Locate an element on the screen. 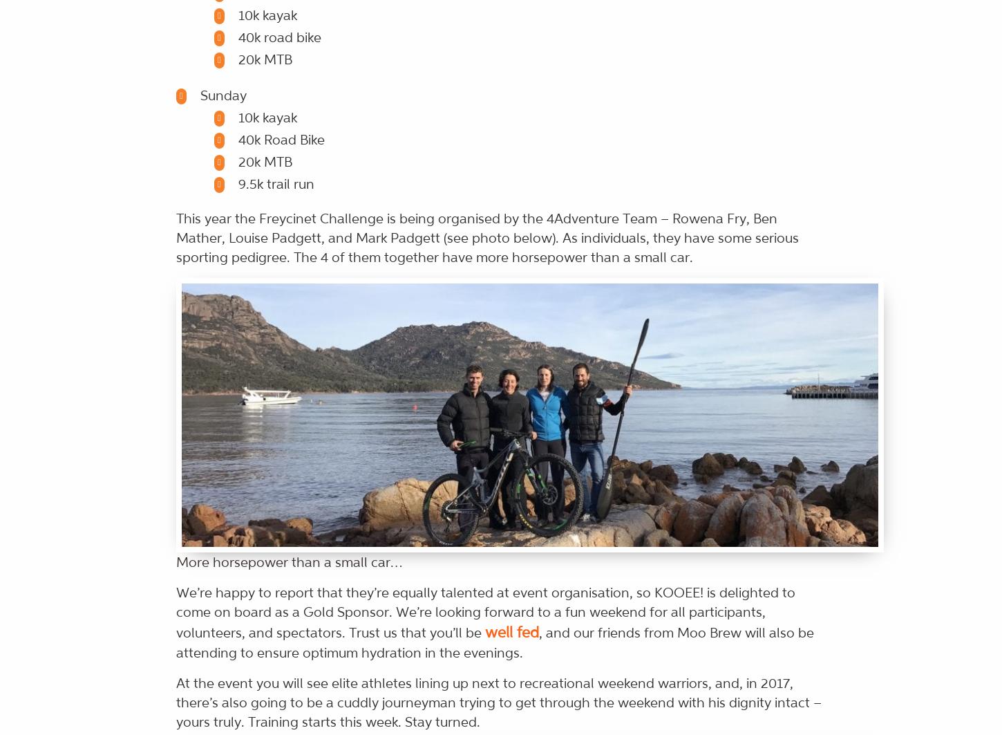  'We’re happy to report that they’re equally talented at event organisation, so KOOEE! is delighted to come on board as a Gold Sponsor. We’re looking forward to a fun weekend for all participants, volunteers, and spectators. Trust us that you’ll be' is located at coordinates (484, 612).